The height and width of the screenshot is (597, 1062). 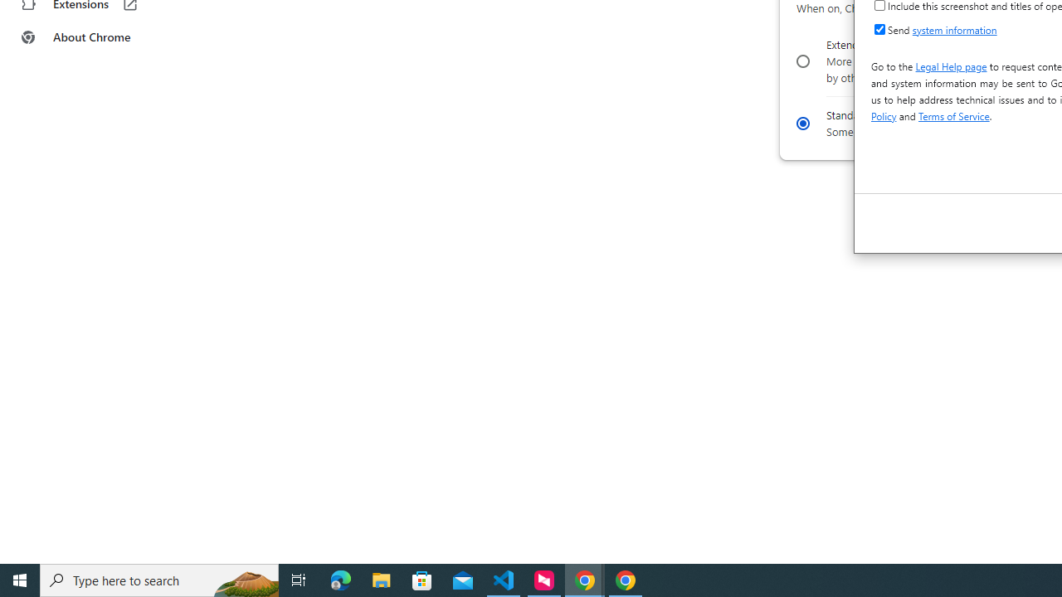 What do you see at coordinates (951, 65) in the screenshot?
I see `'Legal Help page'` at bounding box center [951, 65].